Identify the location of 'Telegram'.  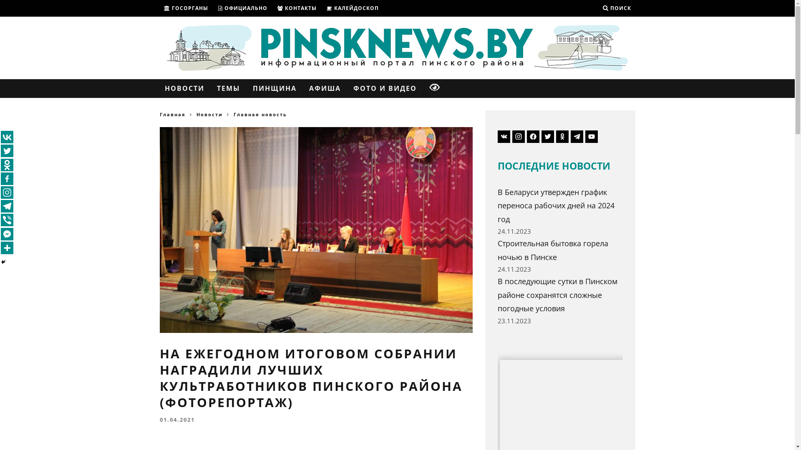
(7, 206).